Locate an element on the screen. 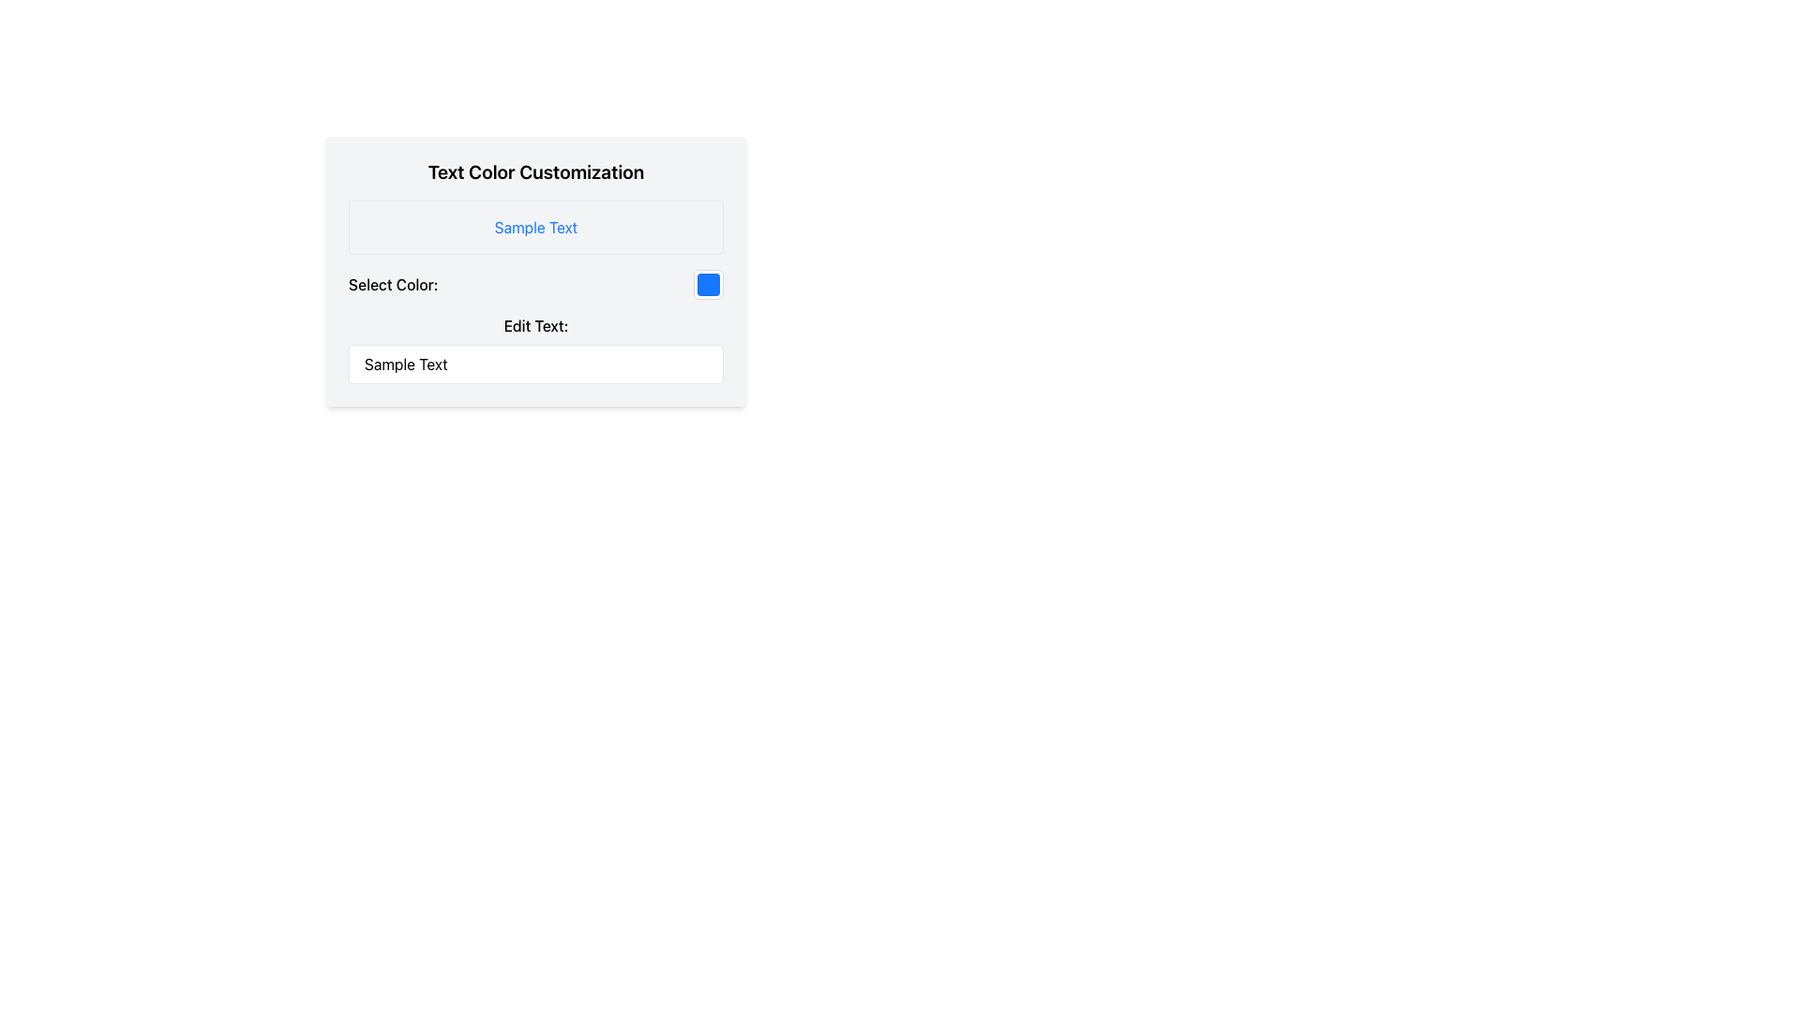 Image resolution: width=1800 pixels, height=1012 pixels. the Text label that displays 'Select Color:' which is positioned to the left of the color picker is located at coordinates (392, 285).